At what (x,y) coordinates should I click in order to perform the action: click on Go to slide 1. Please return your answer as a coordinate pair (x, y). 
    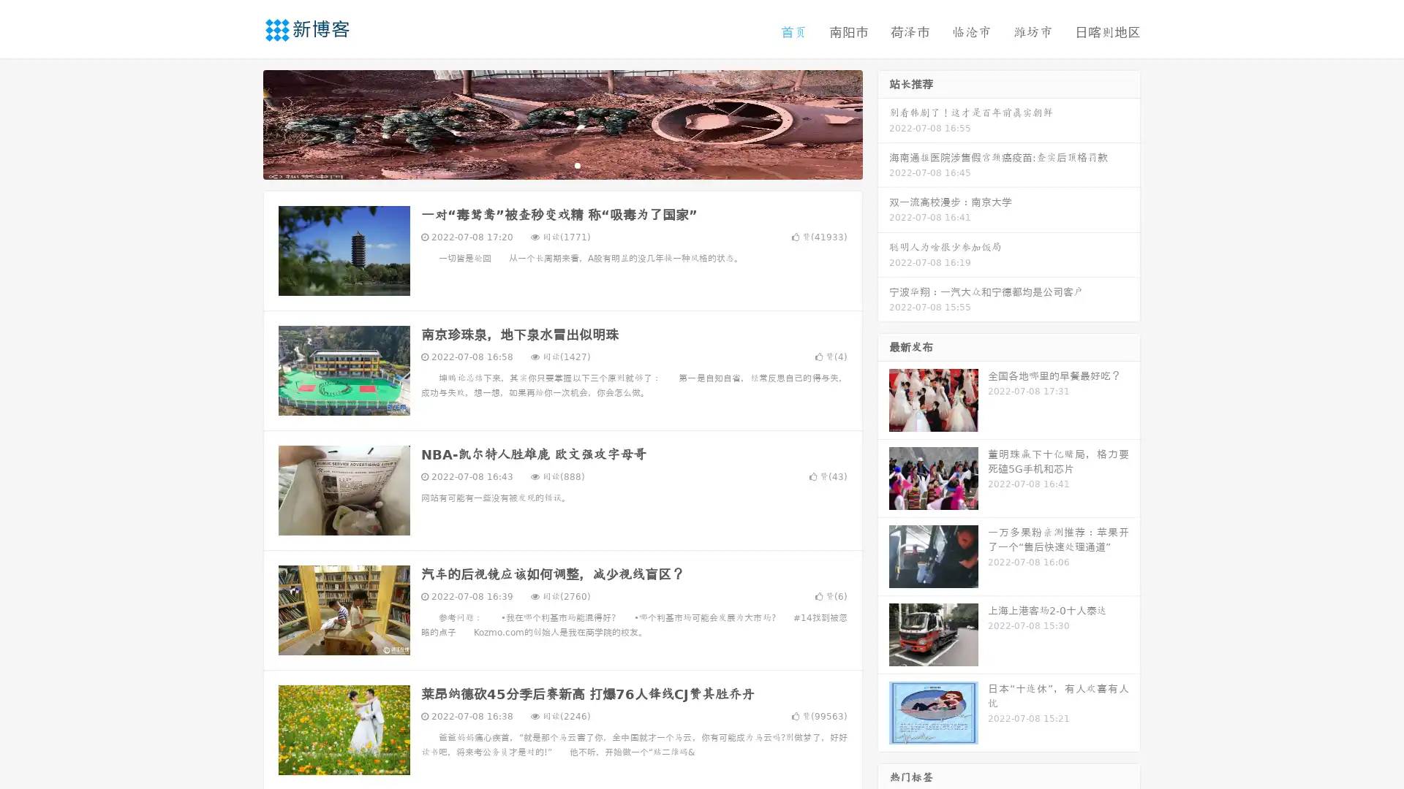
    Looking at the image, I should click on (547, 164).